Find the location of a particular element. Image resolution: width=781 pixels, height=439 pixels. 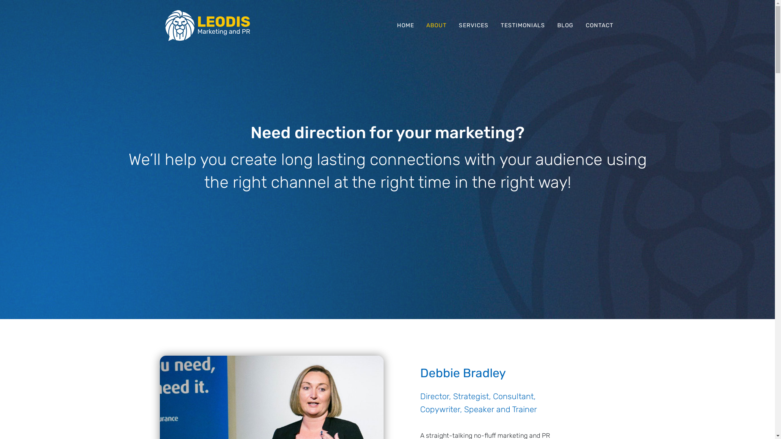

'BLOG' is located at coordinates (564, 25).